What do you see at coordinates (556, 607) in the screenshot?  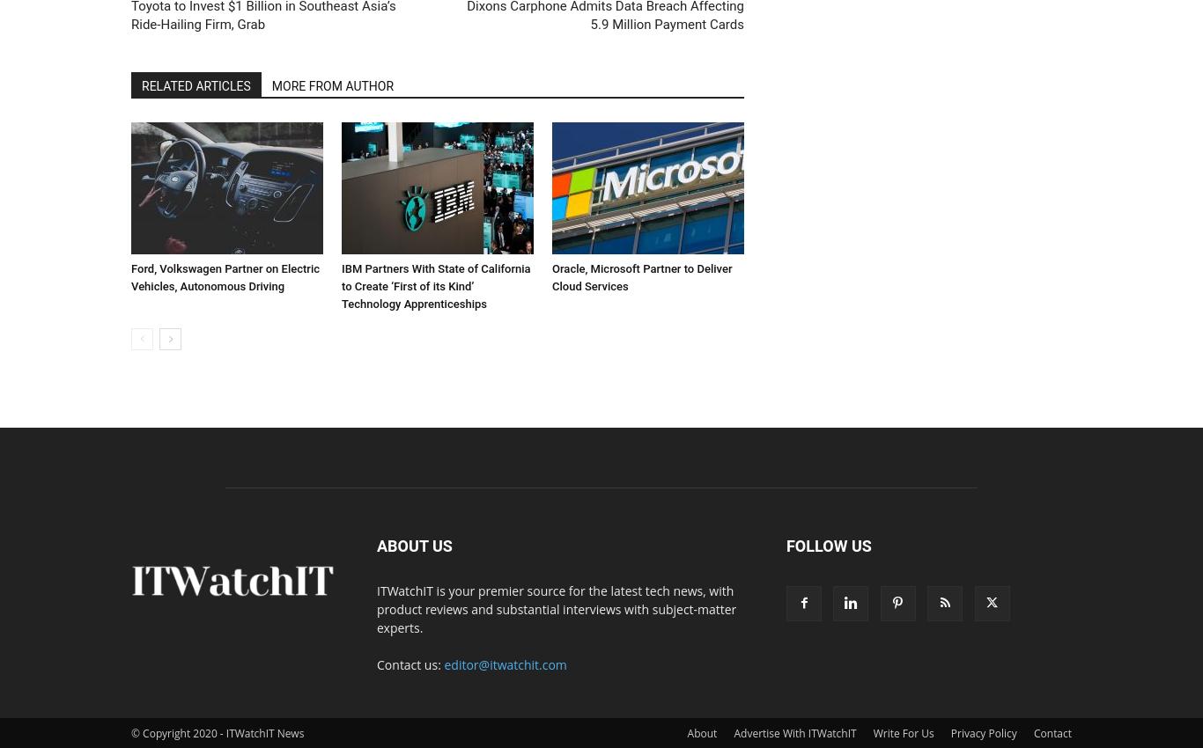 I see `'ITWatchIT is your premier source for the latest tech news, with product reviews and substantial interviews with subject-matter experts.'` at bounding box center [556, 607].